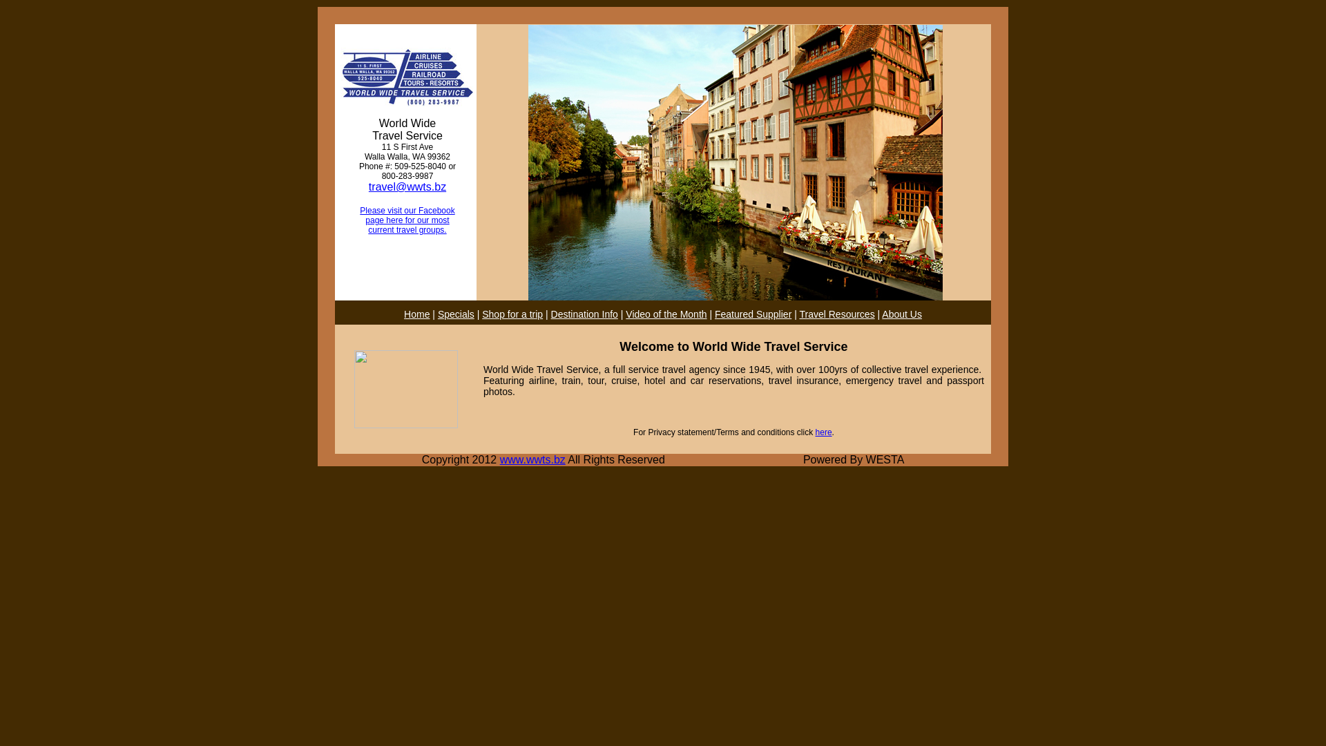  Describe the element at coordinates (798, 314) in the screenshot. I see `'Travel Resources'` at that location.